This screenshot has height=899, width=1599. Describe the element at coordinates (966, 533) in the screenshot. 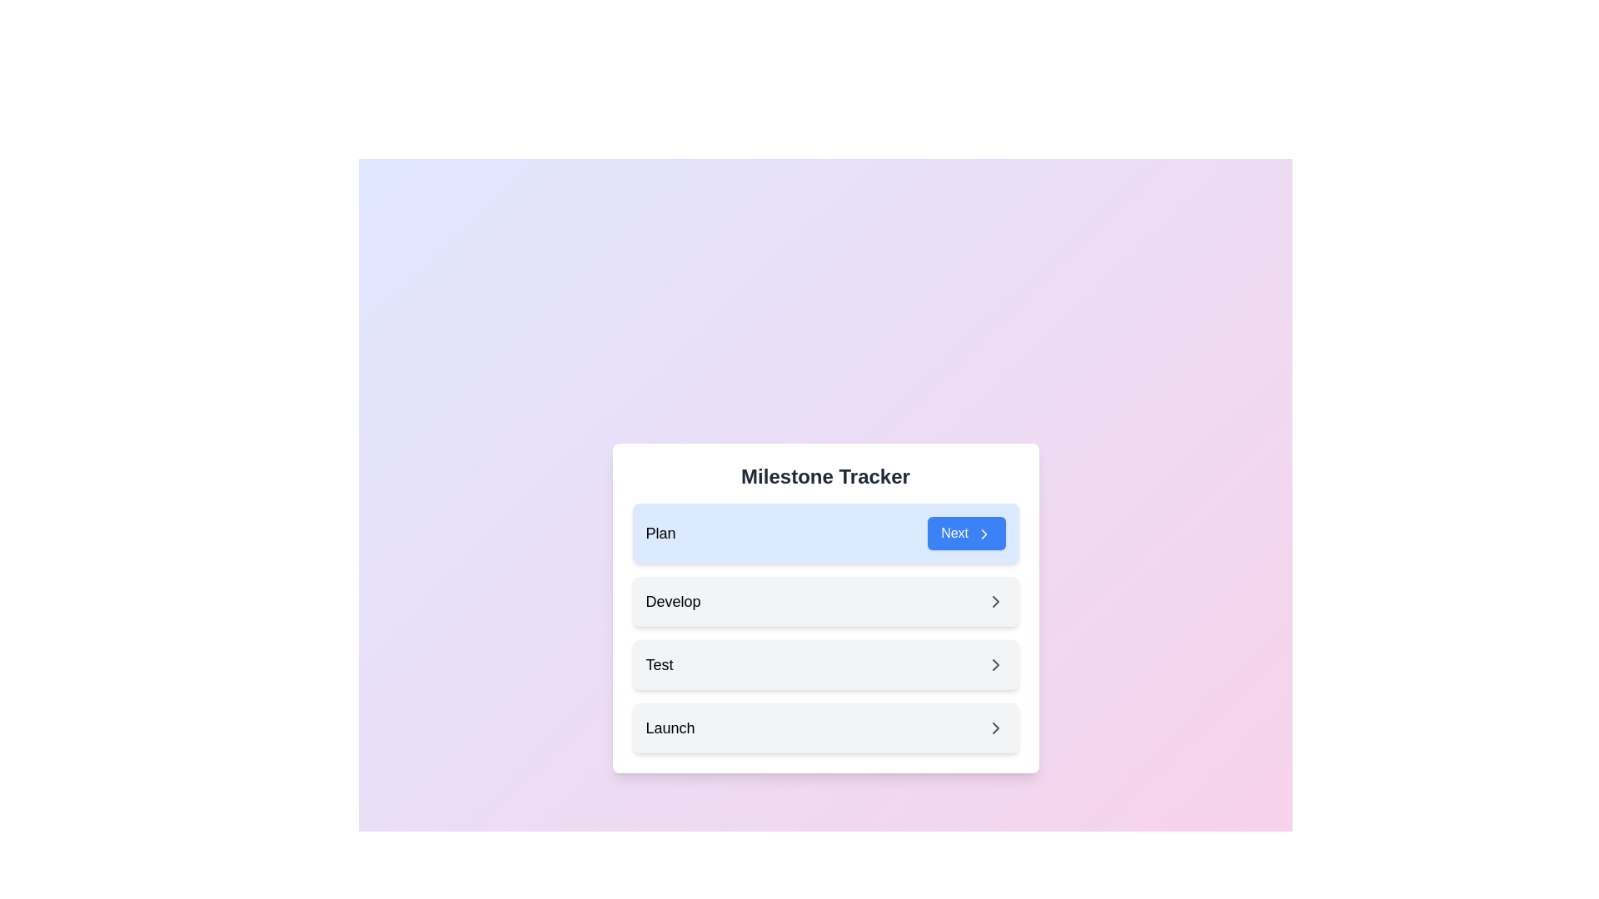

I see `the 'Next' button with a blue background, white text, and a rightward chevron icon` at that location.